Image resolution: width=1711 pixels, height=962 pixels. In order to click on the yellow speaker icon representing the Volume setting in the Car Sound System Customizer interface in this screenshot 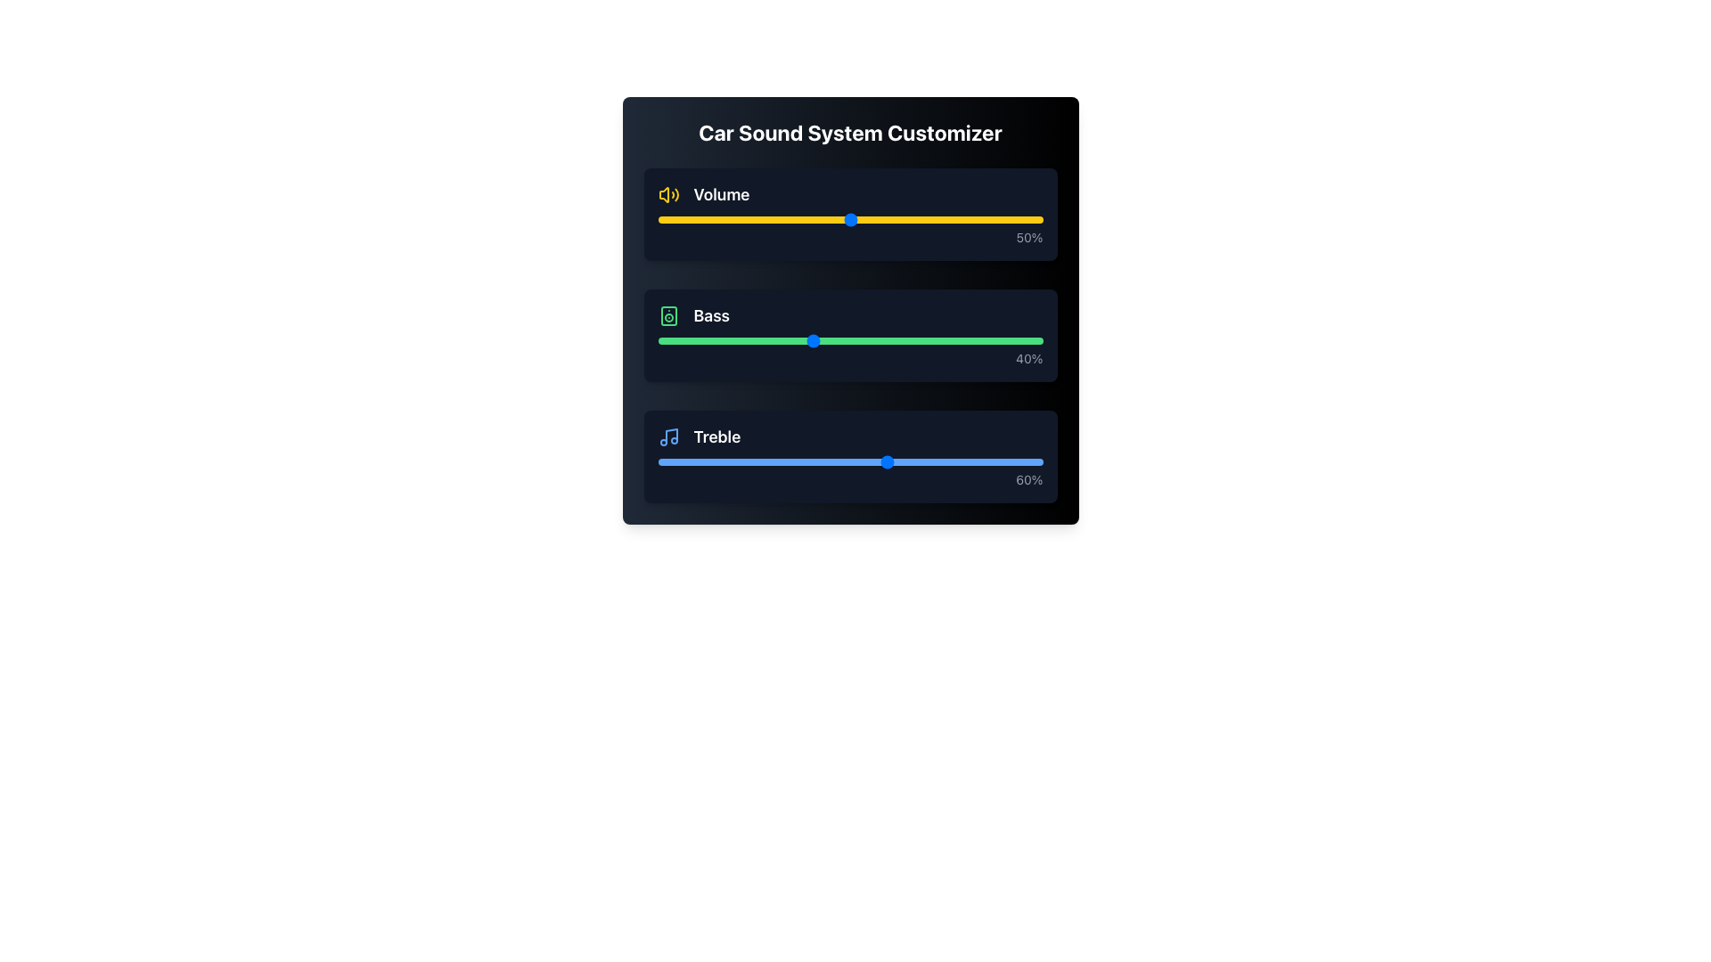, I will do `click(662, 195)`.